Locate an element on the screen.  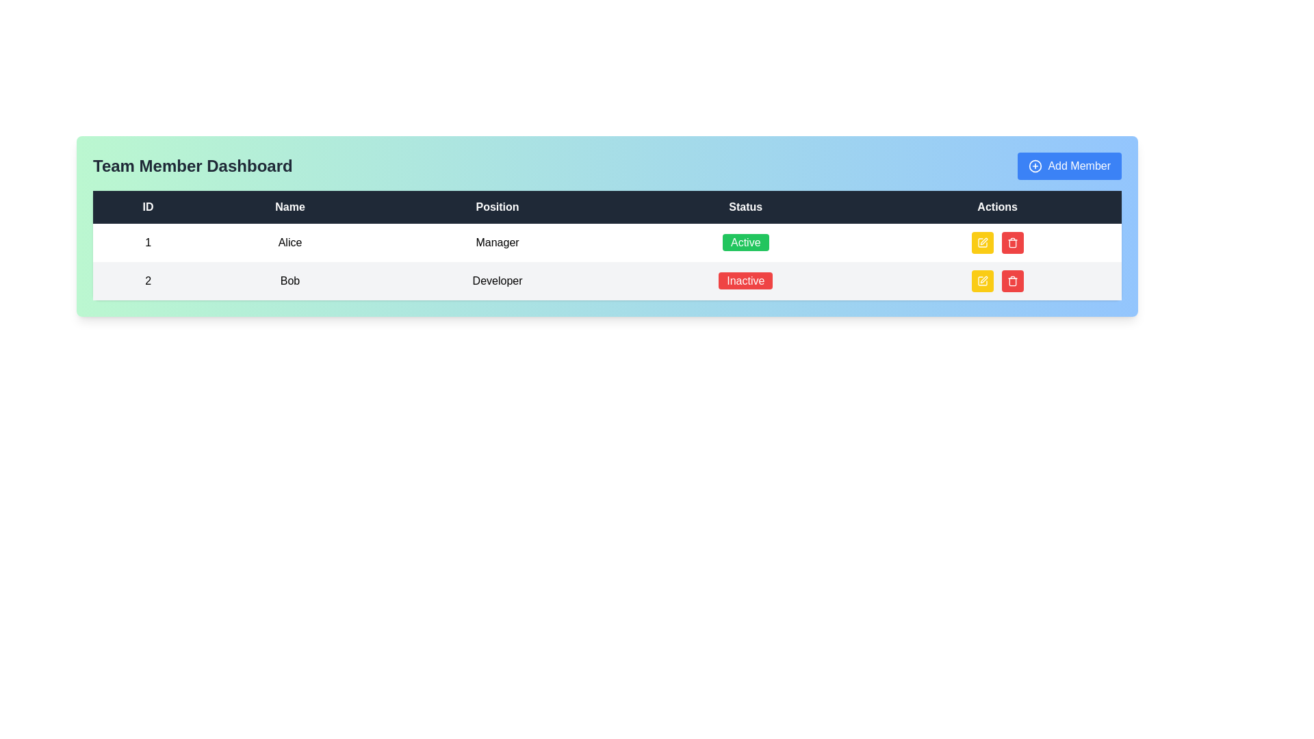
the edit button located in the second row of the table under the 'Actions' column is located at coordinates (981, 281).